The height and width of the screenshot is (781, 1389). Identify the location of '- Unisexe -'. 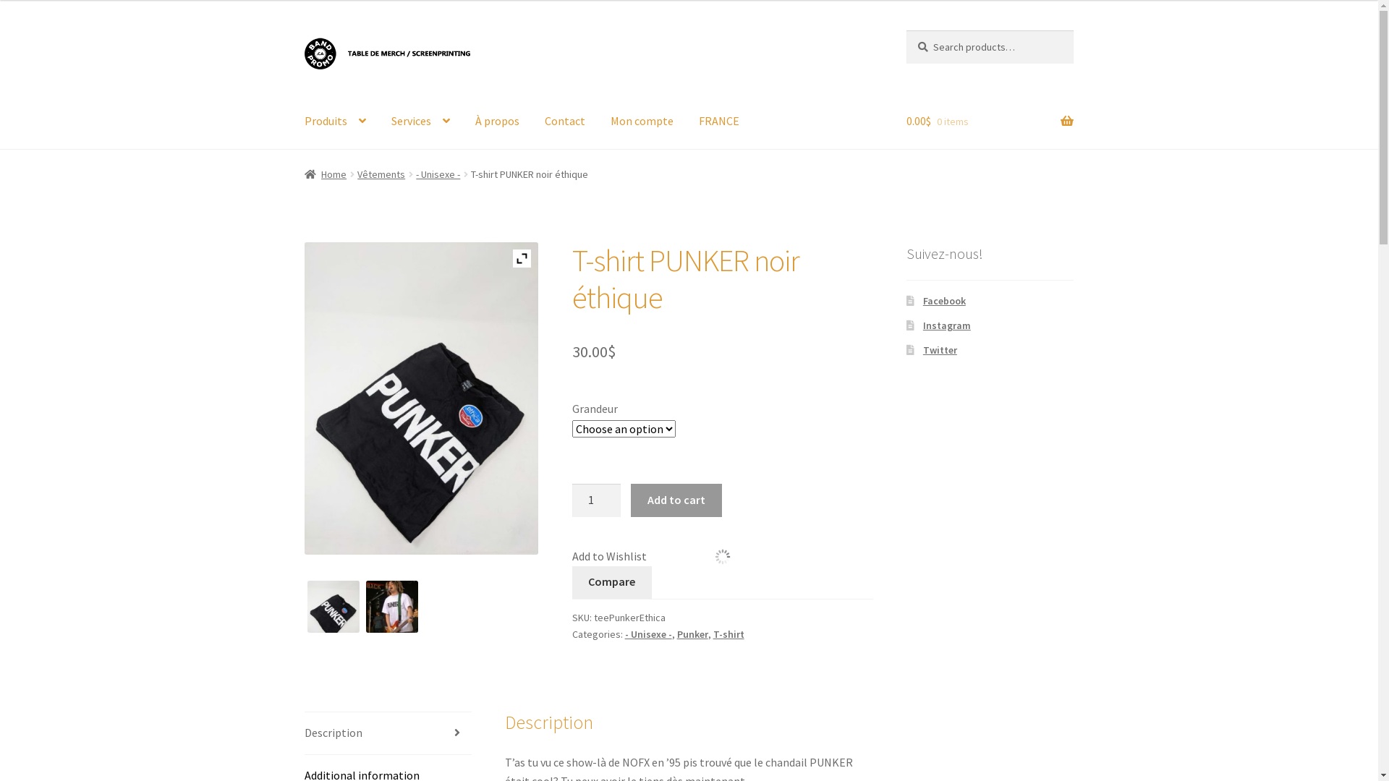
(647, 633).